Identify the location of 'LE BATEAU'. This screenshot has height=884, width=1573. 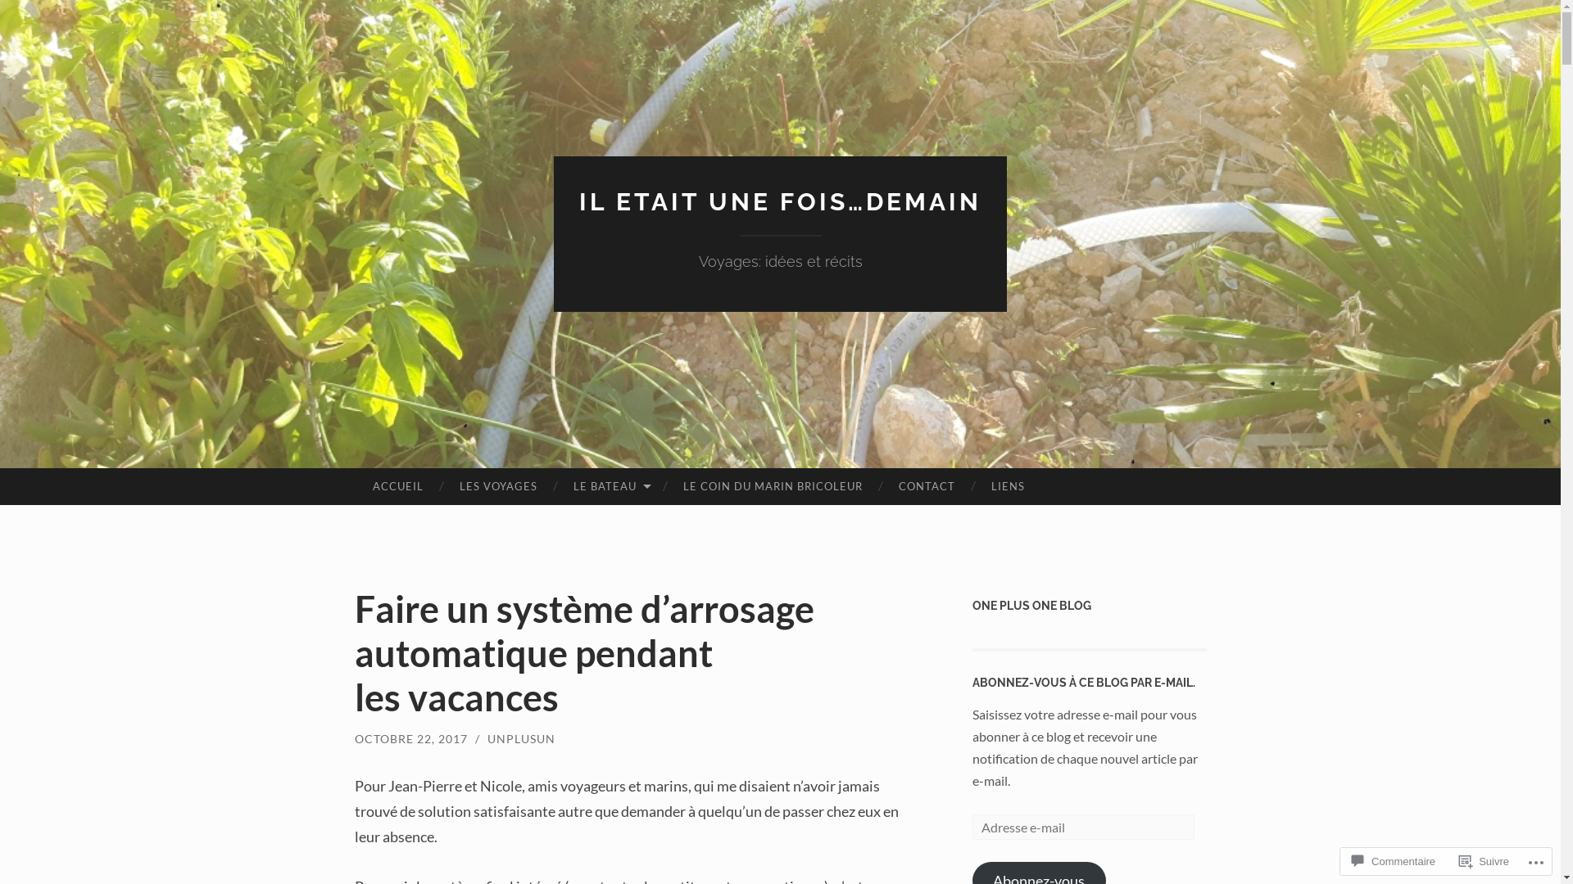
(609, 485).